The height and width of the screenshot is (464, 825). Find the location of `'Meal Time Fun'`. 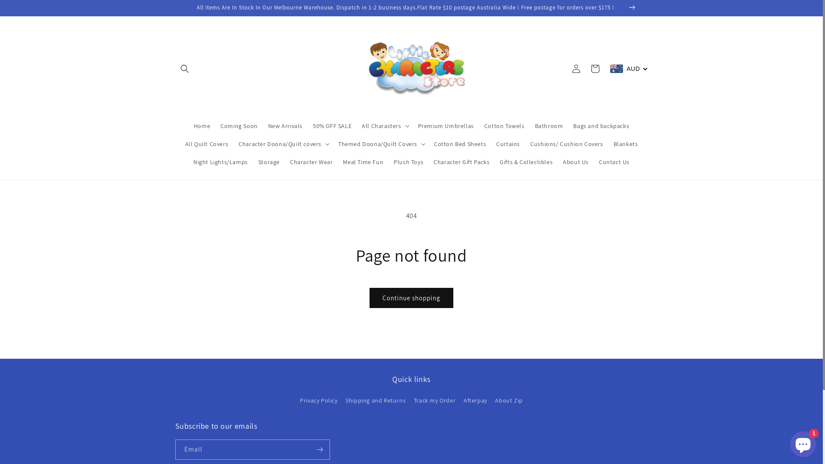

'Meal Time Fun' is located at coordinates (363, 162).